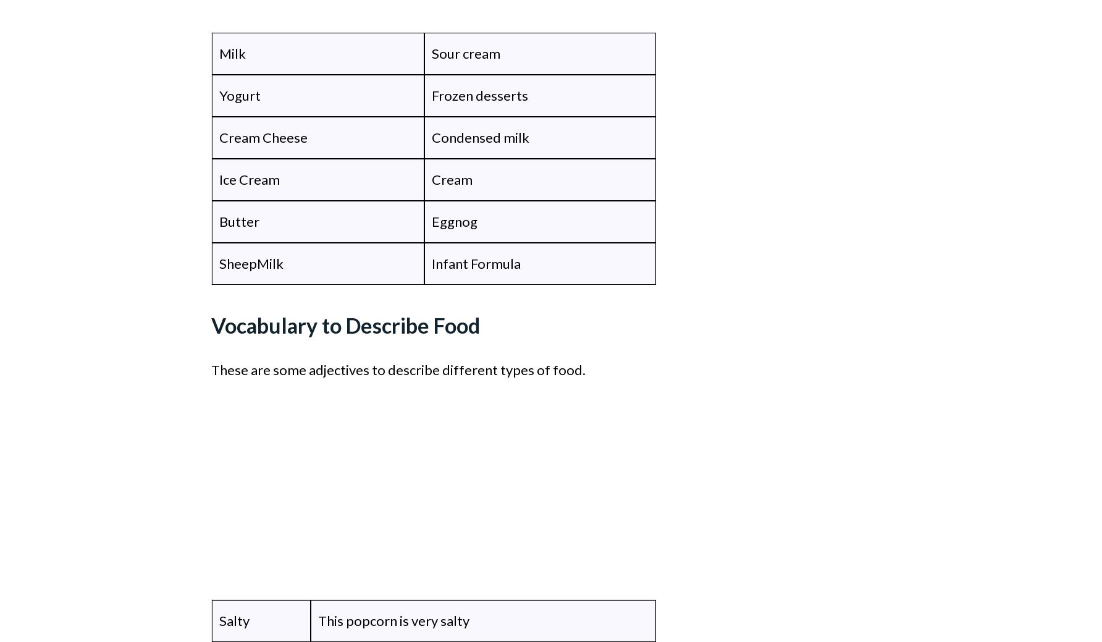  I want to click on 'Ice Cream', so click(219, 179).